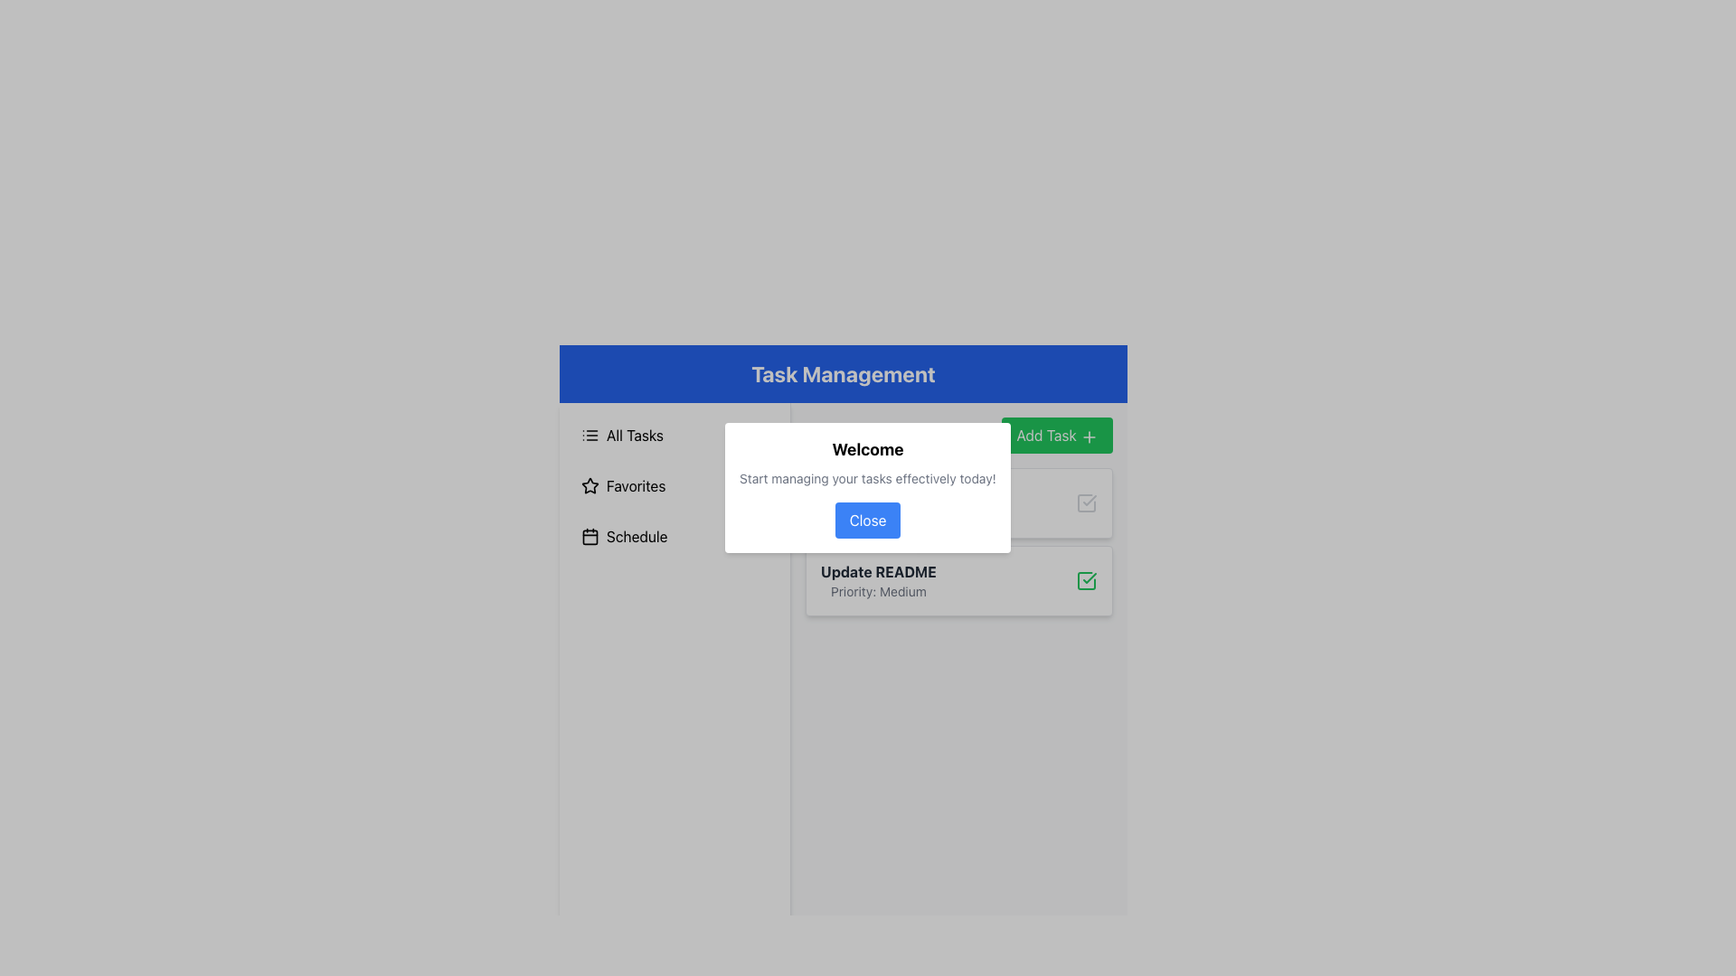  What do you see at coordinates (637, 536) in the screenshot?
I see `the 'Schedule' text label within the button` at bounding box center [637, 536].